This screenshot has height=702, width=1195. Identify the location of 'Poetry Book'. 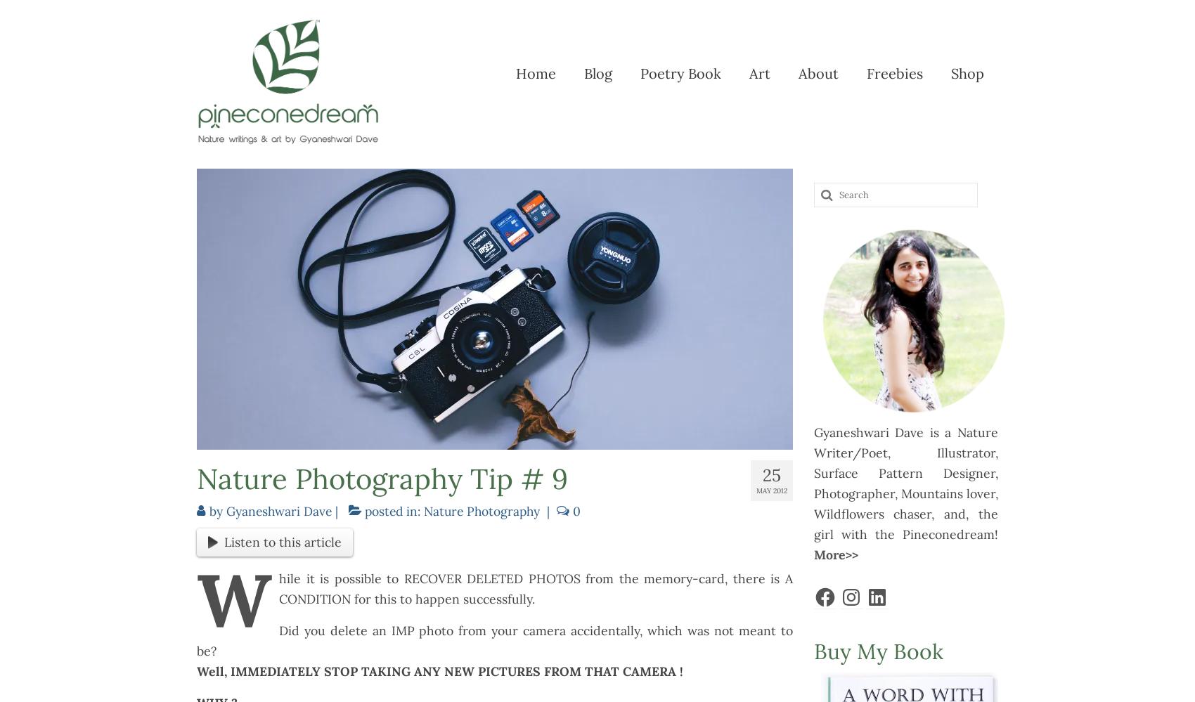
(679, 72).